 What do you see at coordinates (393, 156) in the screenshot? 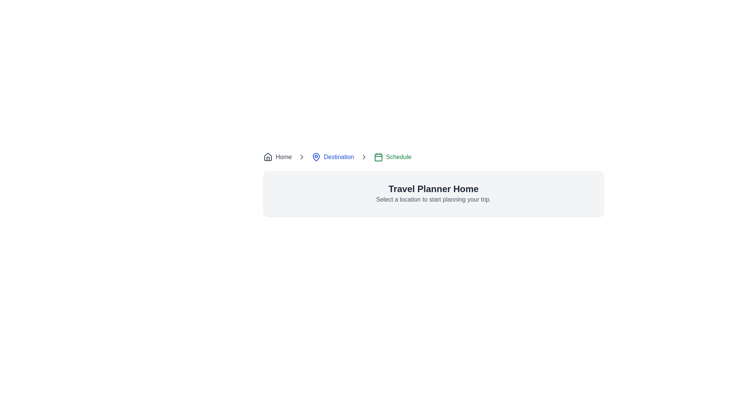
I see `the 'Schedule' hyperlink in the breadcrumb navigation bar to observe the color change` at bounding box center [393, 156].